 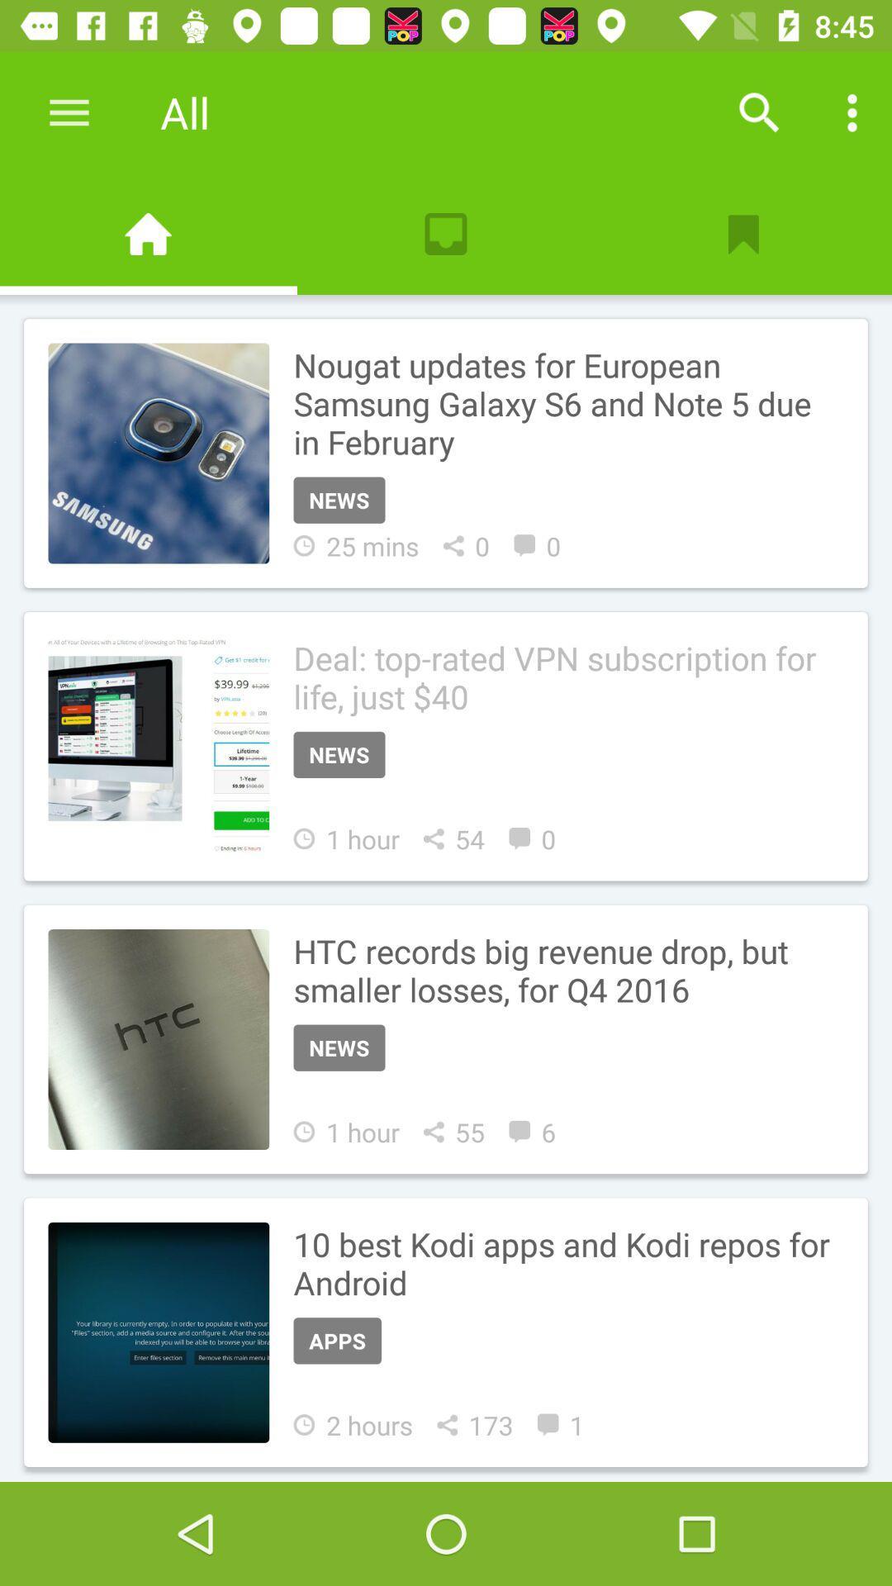 What do you see at coordinates (69, 112) in the screenshot?
I see `the menu icon` at bounding box center [69, 112].